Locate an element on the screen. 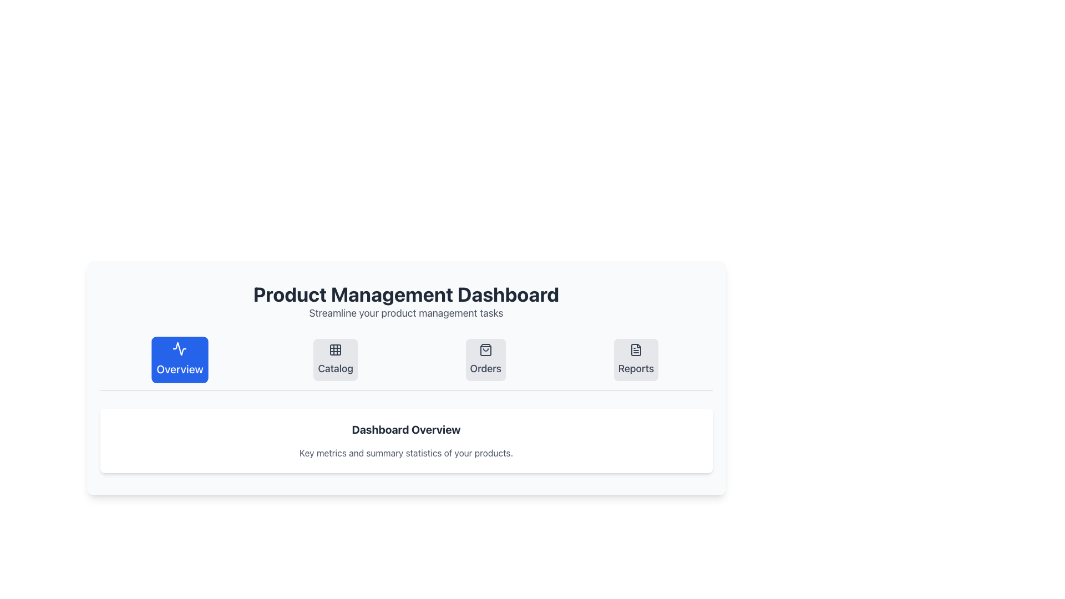 The height and width of the screenshot is (599, 1065). the 'Overview' button which contains a stylized activity chart icon on a blue background is located at coordinates (180, 348).